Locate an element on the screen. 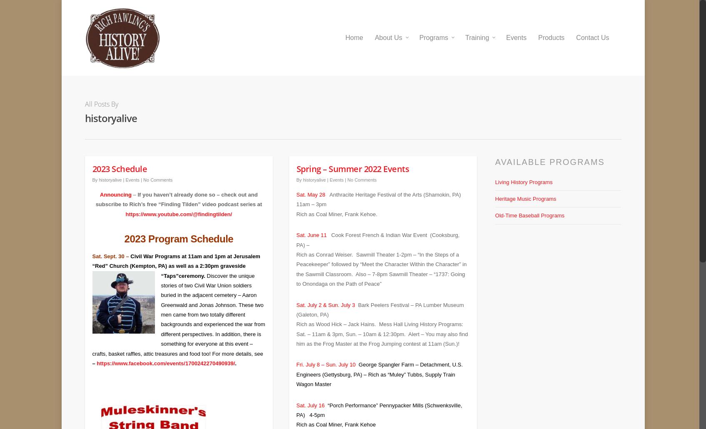 The width and height of the screenshot is (706, 429). 'Living History Programs' is located at coordinates (523, 176).